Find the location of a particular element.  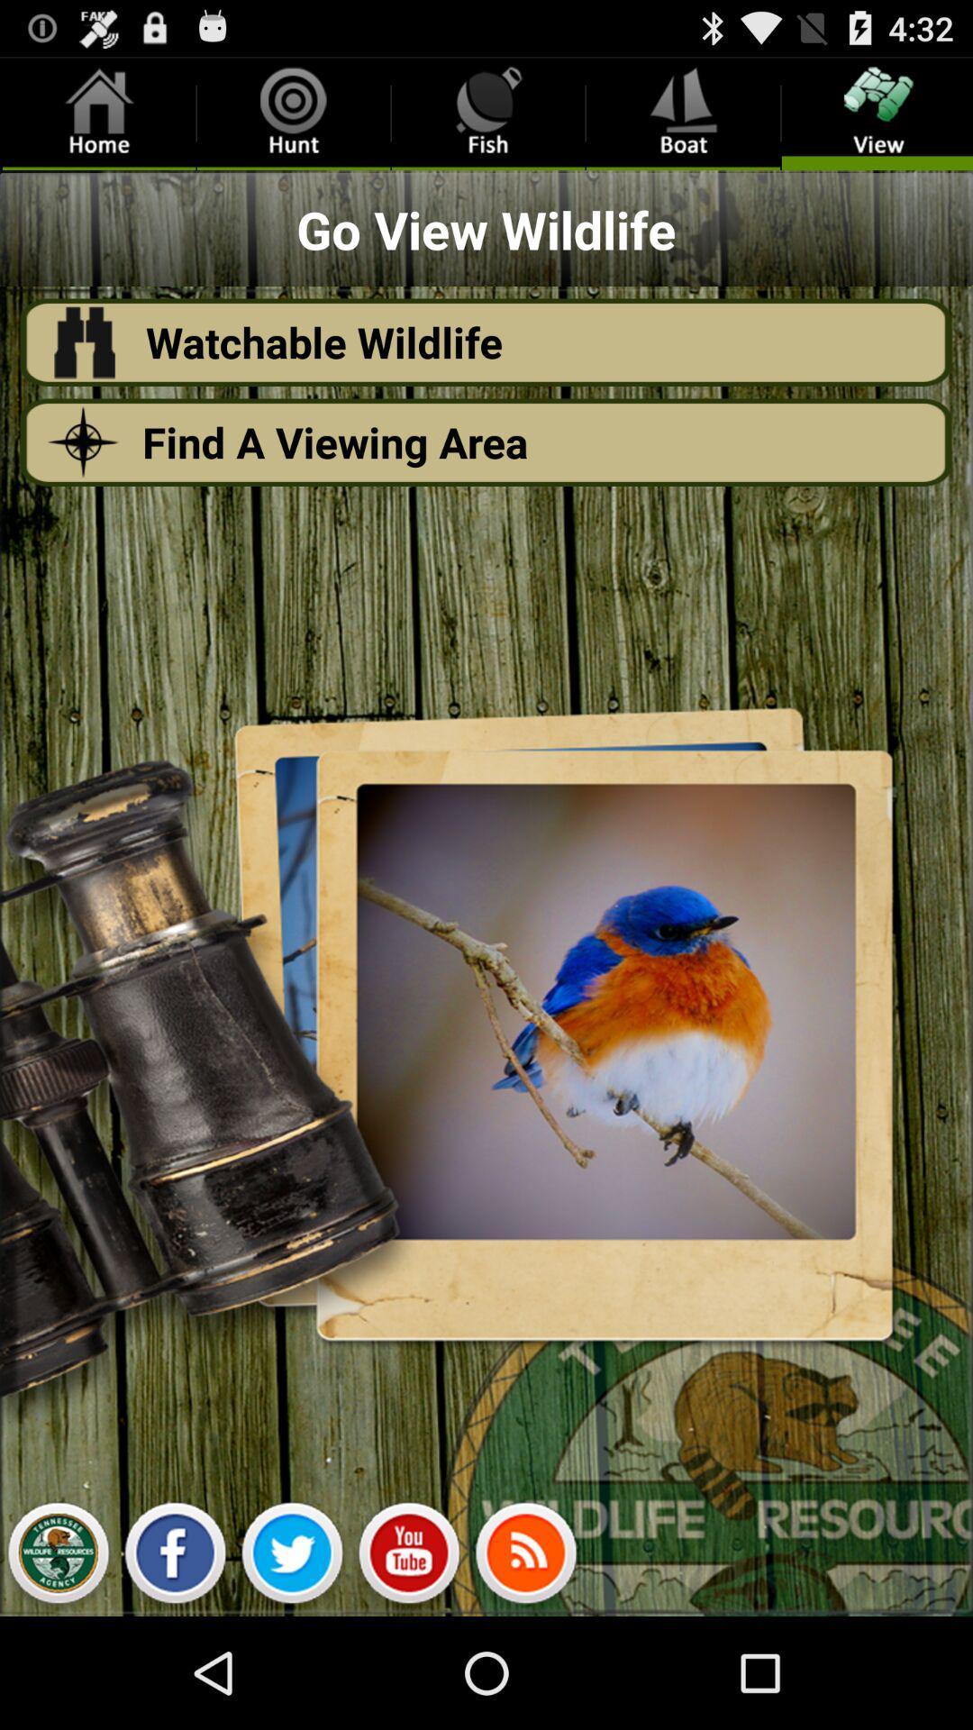

share to twitter is located at coordinates (291, 1557).